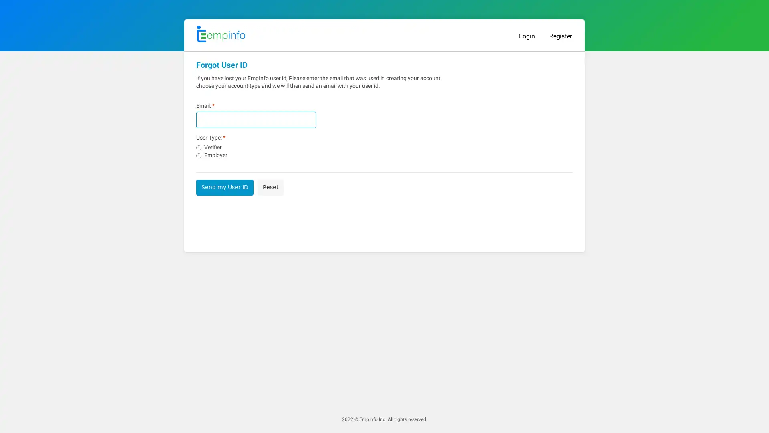 The width and height of the screenshot is (769, 433). What do you see at coordinates (224, 187) in the screenshot?
I see `Send my User ID` at bounding box center [224, 187].